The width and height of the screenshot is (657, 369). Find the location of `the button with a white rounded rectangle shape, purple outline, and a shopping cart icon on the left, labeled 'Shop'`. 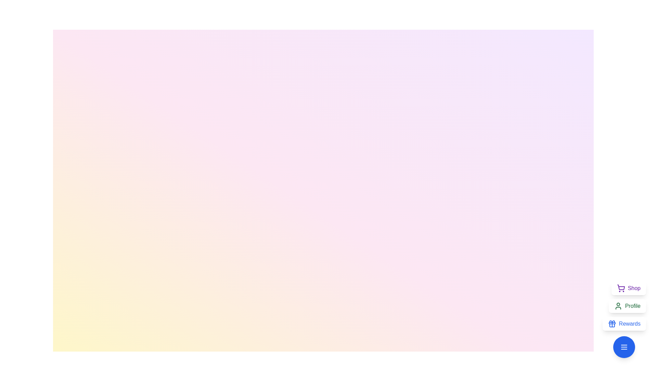

the button with a white rounded rectangle shape, purple outline, and a shopping cart icon on the left, labeled 'Shop' is located at coordinates (629, 288).